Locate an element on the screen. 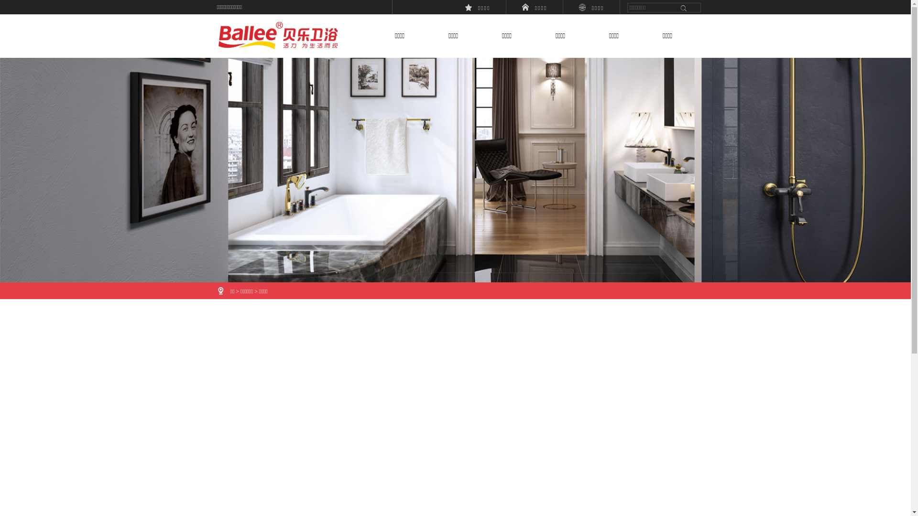  'a' is located at coordinates (683, 7).